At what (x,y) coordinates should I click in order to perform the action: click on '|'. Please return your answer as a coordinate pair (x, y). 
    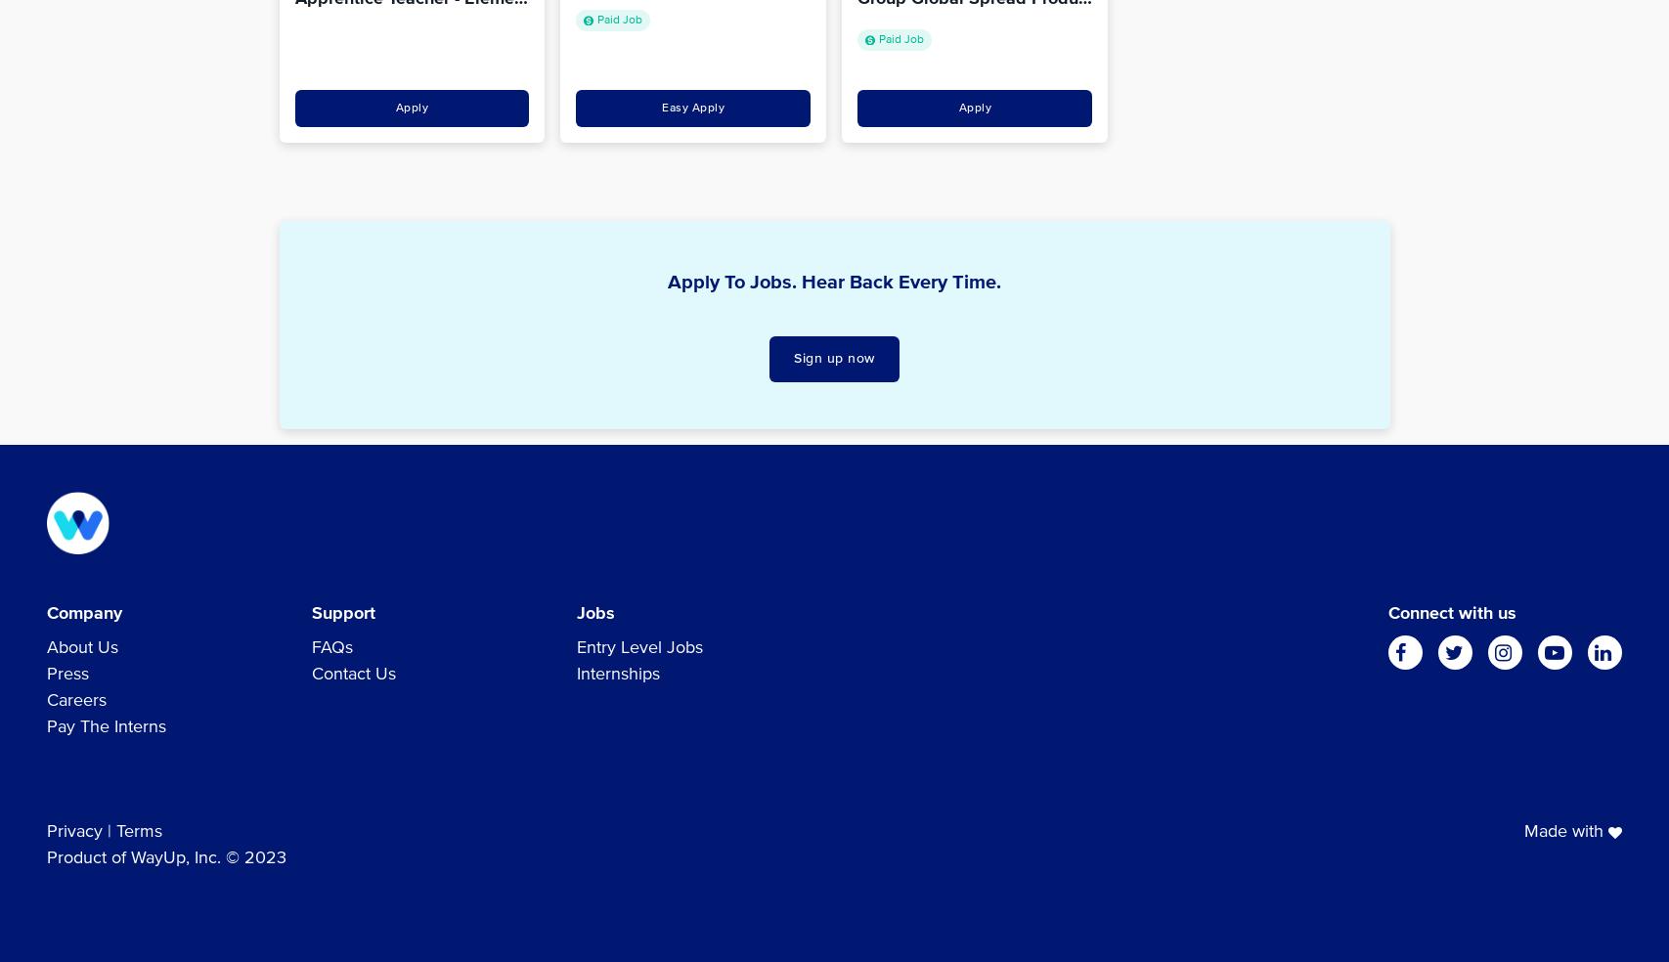
    Looking at the image, I should click on (109, 830).